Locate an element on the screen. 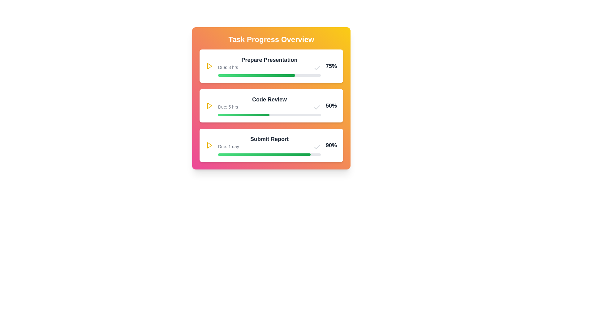  the static text label that serves as a title or identifier for an individual task, located in the topmost card of a list, just below the 'Task Progress Overview' heading is located at coordinates (269, 60).